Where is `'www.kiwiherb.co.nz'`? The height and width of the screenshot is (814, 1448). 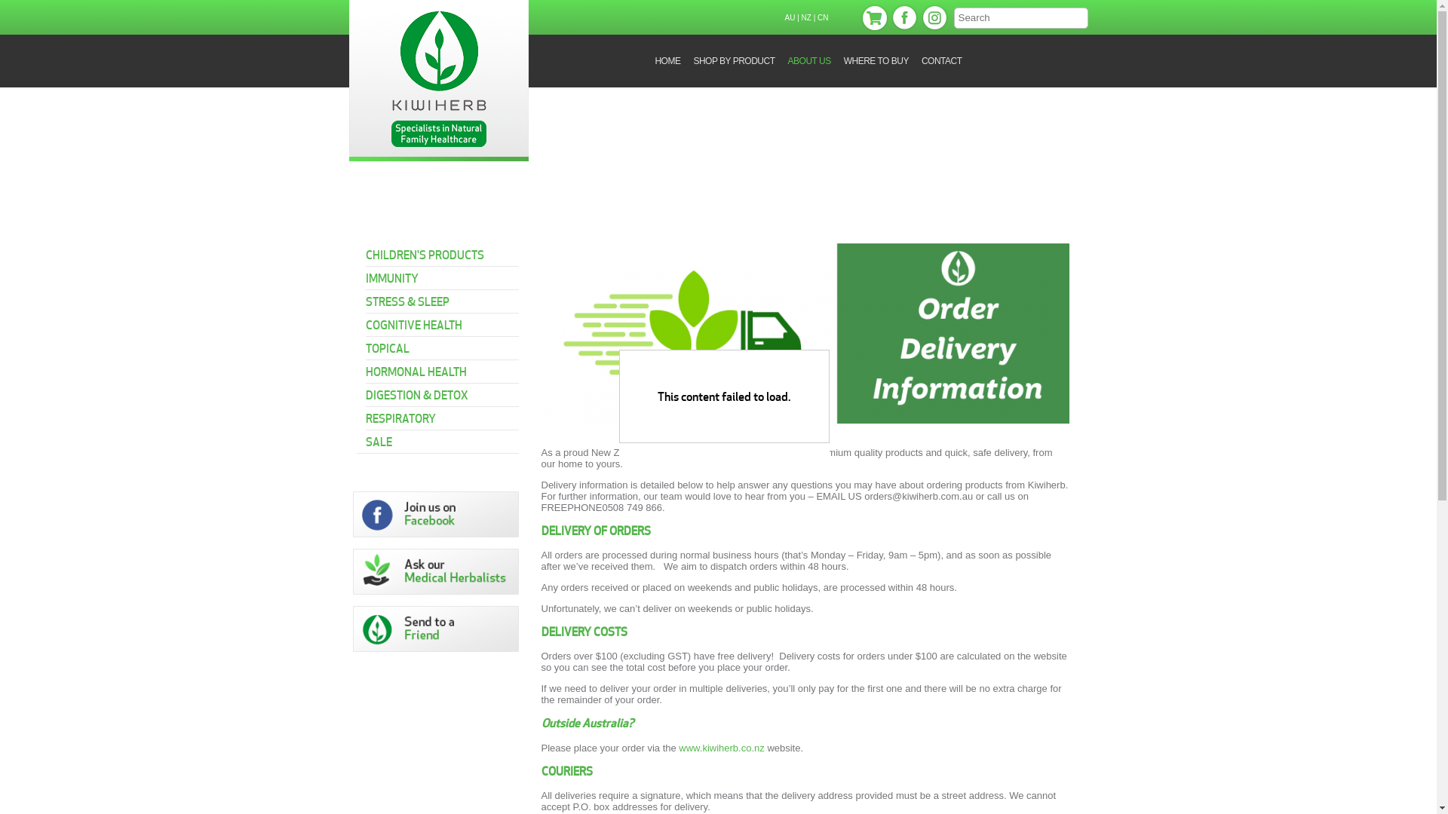
'www.kiwiherb.co.nz' is located at coordinates (720, 748).